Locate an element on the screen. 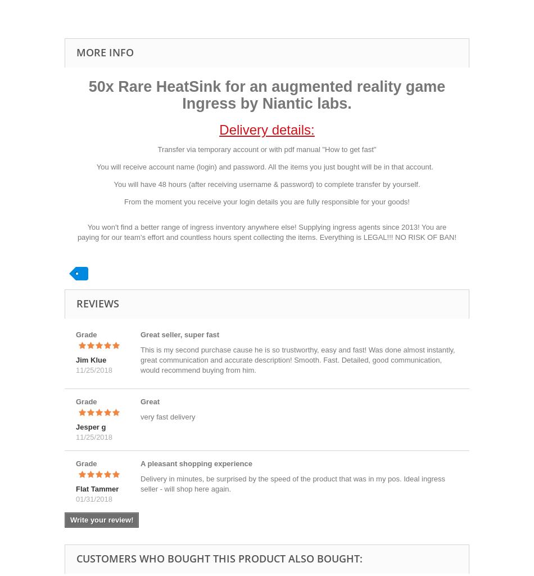 The height and width of the screenshot is (576, 534). 'This is my second purchase cause he is so trustworthy, easy and fast! Was done almost instantly, great communication and accurate description! Smooth. Fast. Detailed, good communication, would recommend buying from him.' is located at coordinates (297, 360).